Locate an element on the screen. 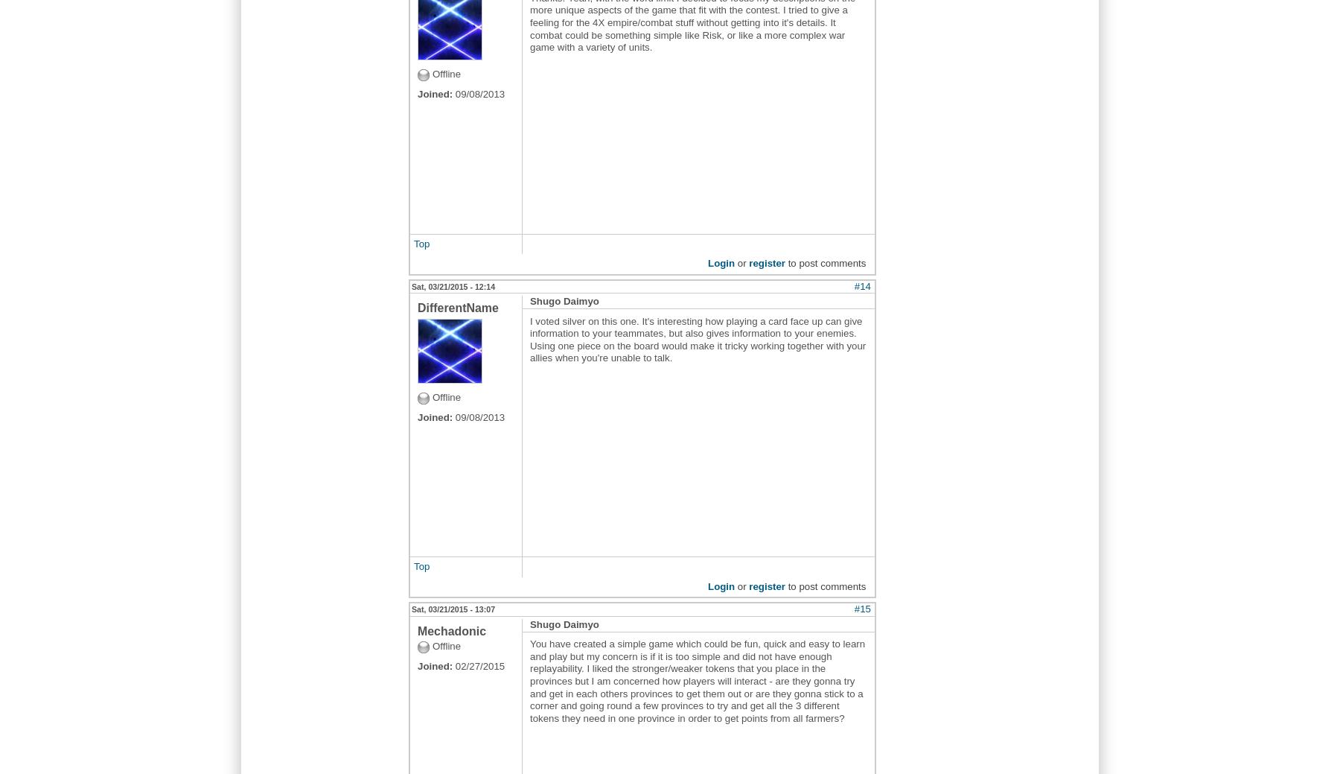  '#14' is located at coordinates (861, 285).